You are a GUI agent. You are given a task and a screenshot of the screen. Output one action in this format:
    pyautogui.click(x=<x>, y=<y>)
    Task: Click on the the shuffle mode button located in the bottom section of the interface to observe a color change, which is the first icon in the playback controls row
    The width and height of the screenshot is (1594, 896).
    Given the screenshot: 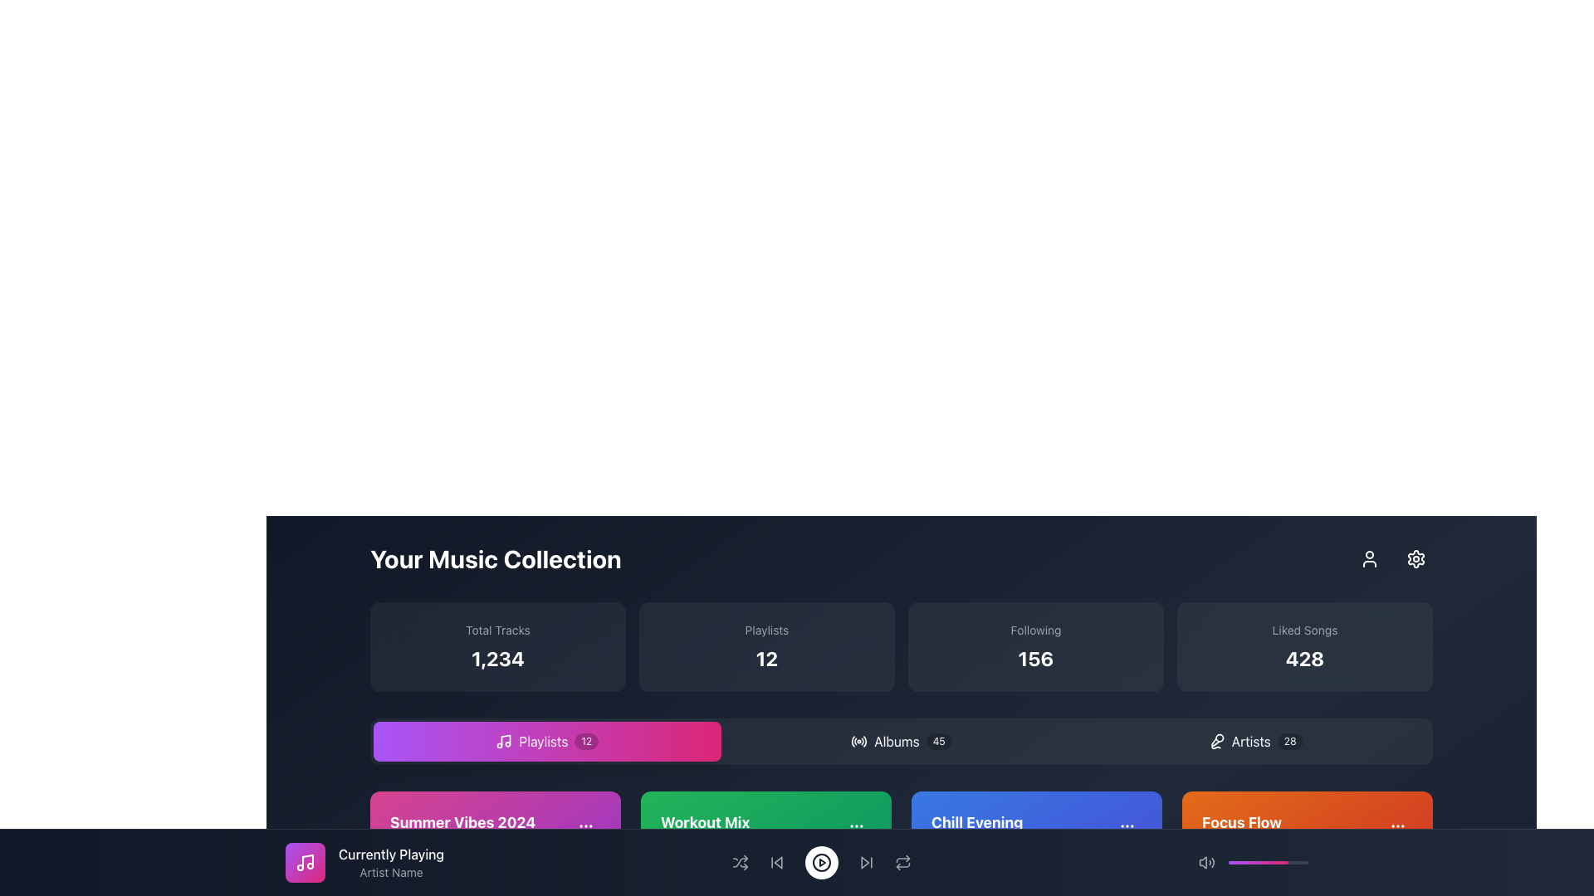 What is the action you would take?
    pyautogui.click(x=739, y=862)
    